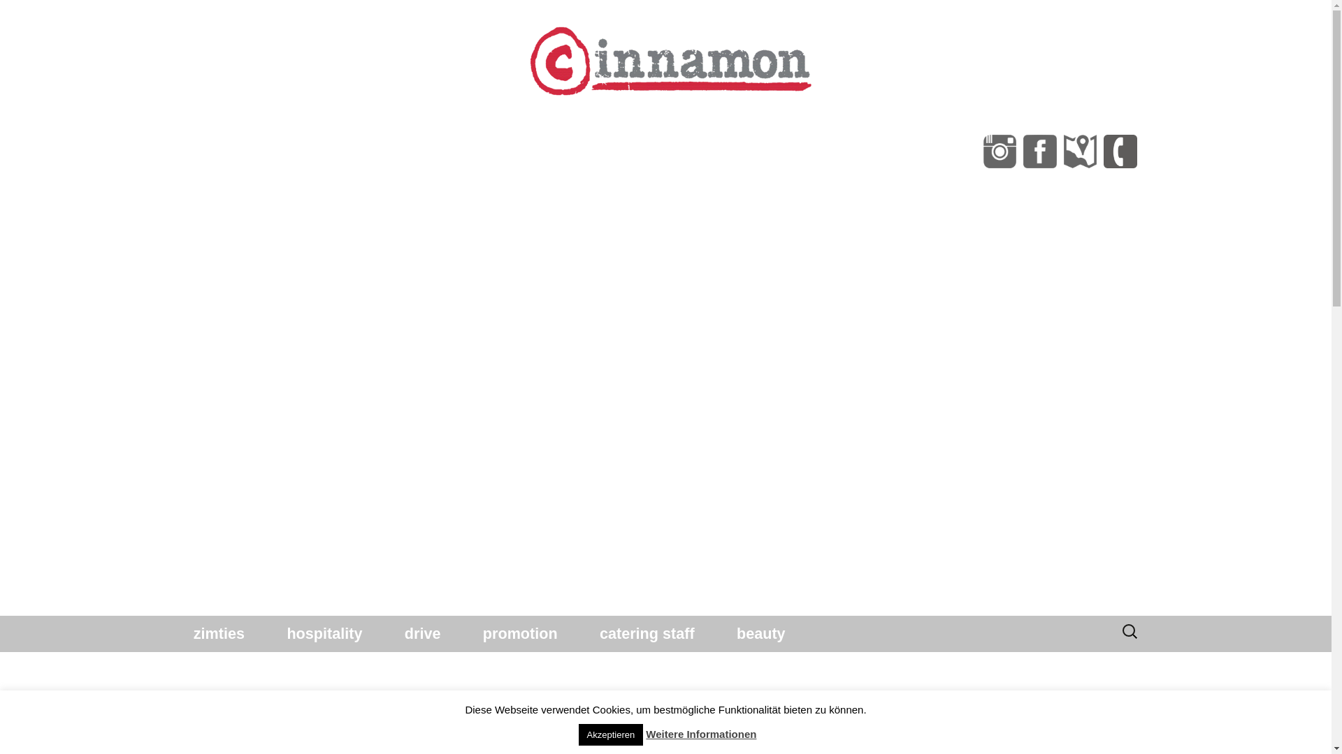  I want to click on 'Springe zum Inhalt', so click(174, 615).